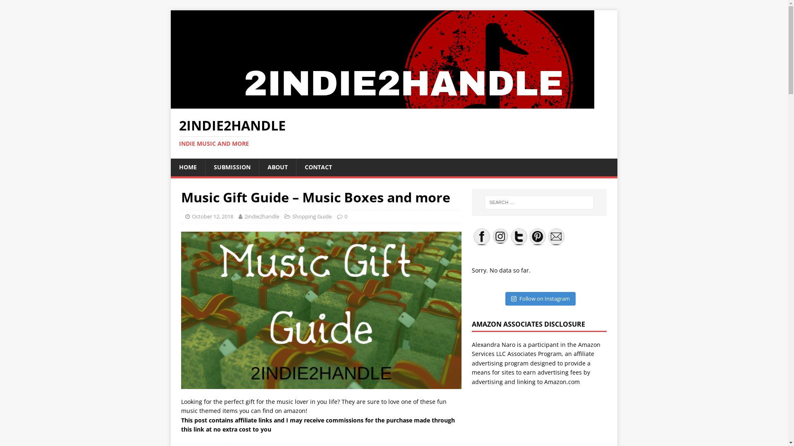  Describe the element at coordinates (556, 236) in the screenshot. I see `'Follow by Email'` at that location.